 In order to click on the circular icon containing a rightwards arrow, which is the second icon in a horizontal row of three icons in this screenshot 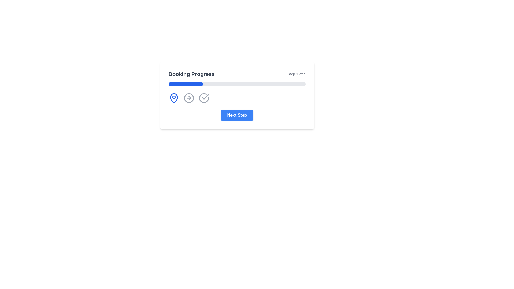, I will do `click(189, 98)`.